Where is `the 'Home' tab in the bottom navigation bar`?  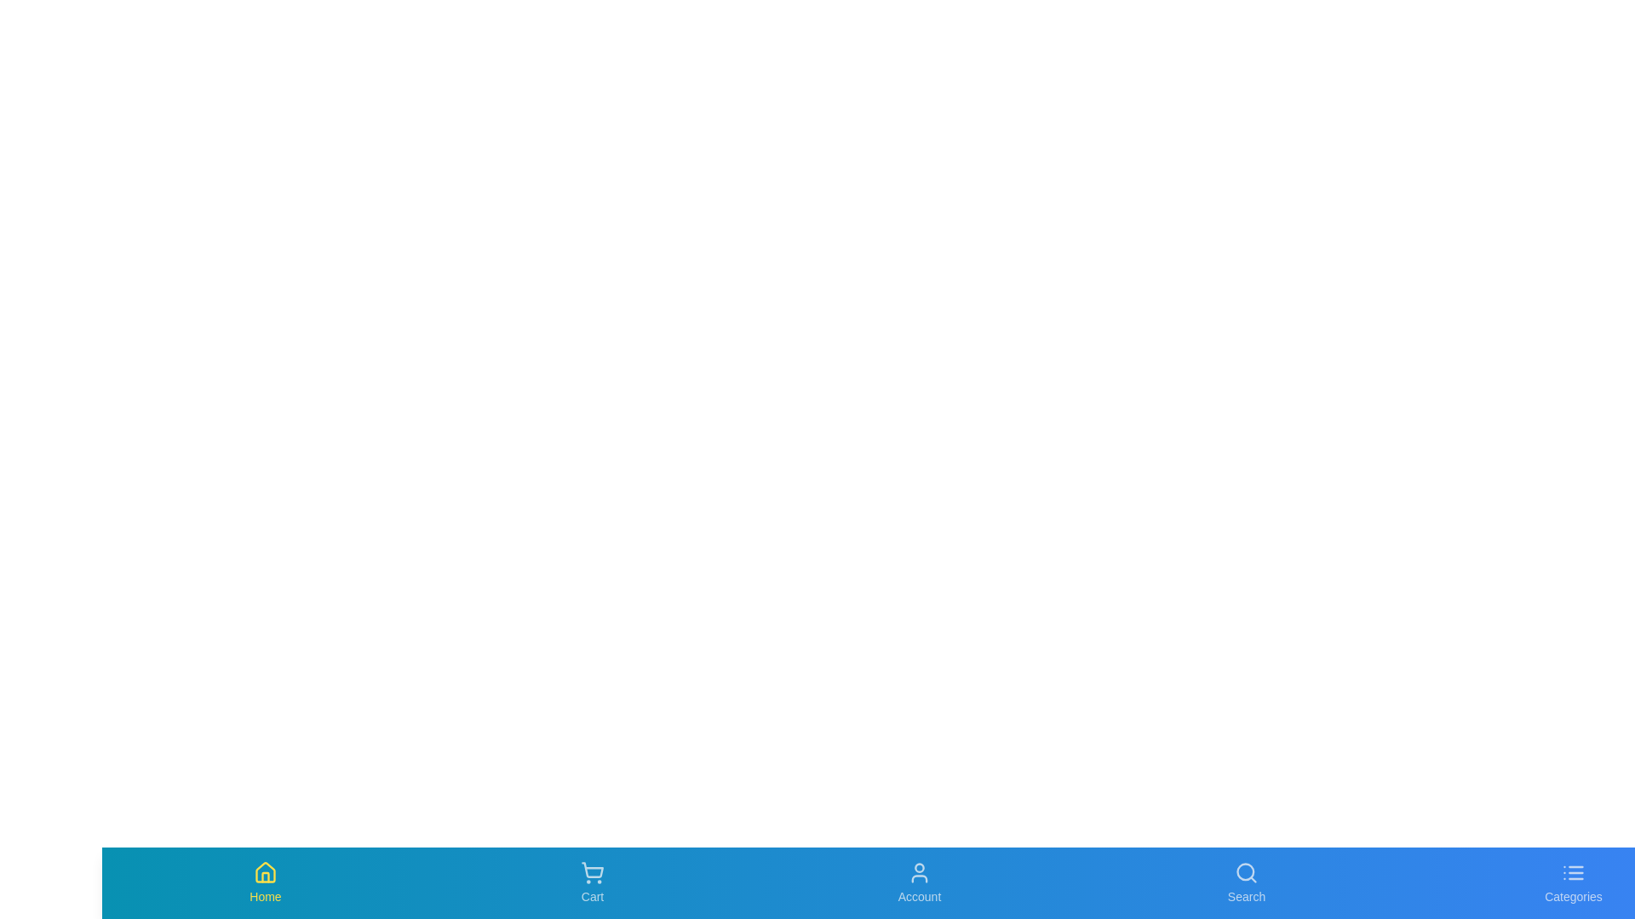
the 'Home' tab in the bottom navigation bar is located at coordinates (265, 882).